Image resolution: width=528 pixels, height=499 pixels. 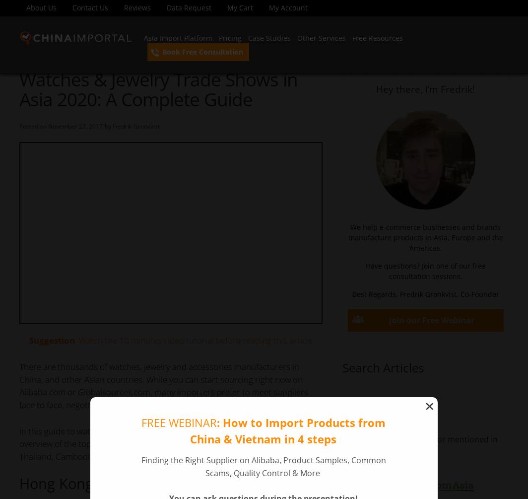 What do you see at coordinates (282, 476) in the screenshot?
I see `'cookie policy'` at bounding box center [282, 476].